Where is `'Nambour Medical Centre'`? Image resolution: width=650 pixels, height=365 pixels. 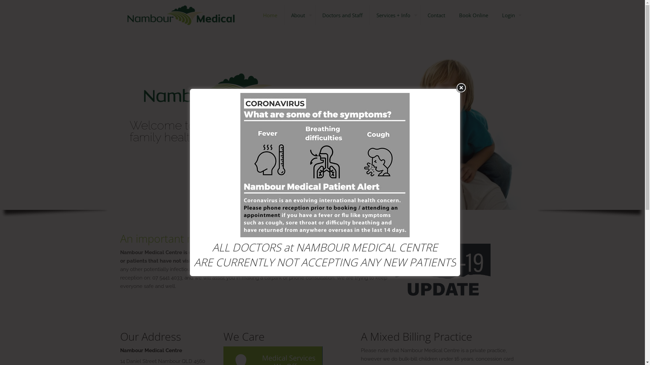
'Nambour Medical Centre' is located at coordinates (181, 15).